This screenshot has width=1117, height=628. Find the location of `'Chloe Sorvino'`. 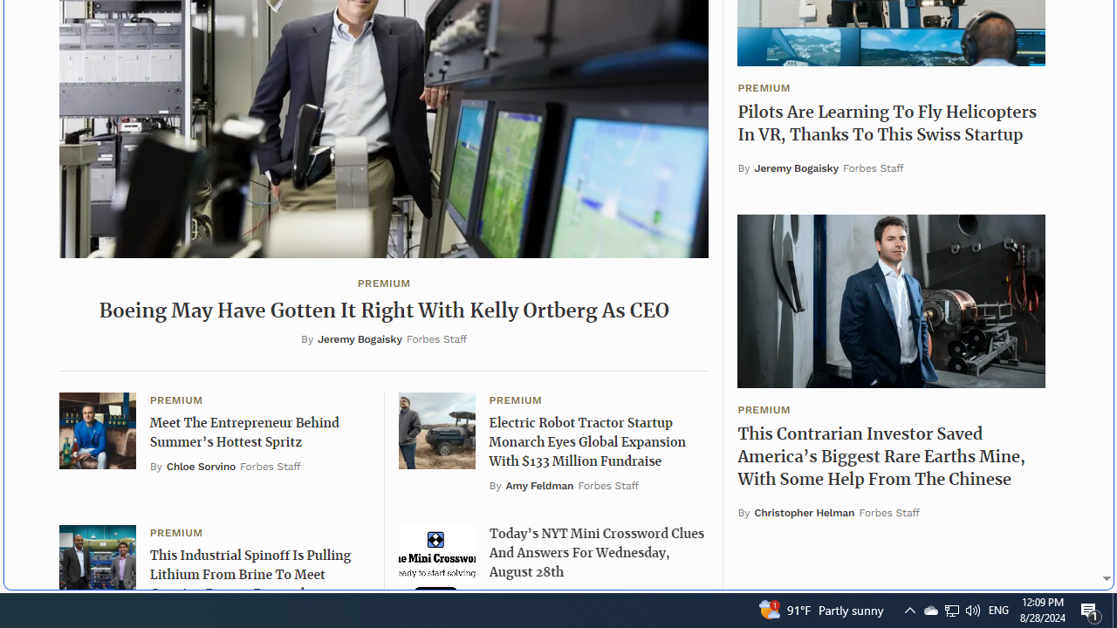

'Chloe Sorvino' is located at coordinates (201, 466).